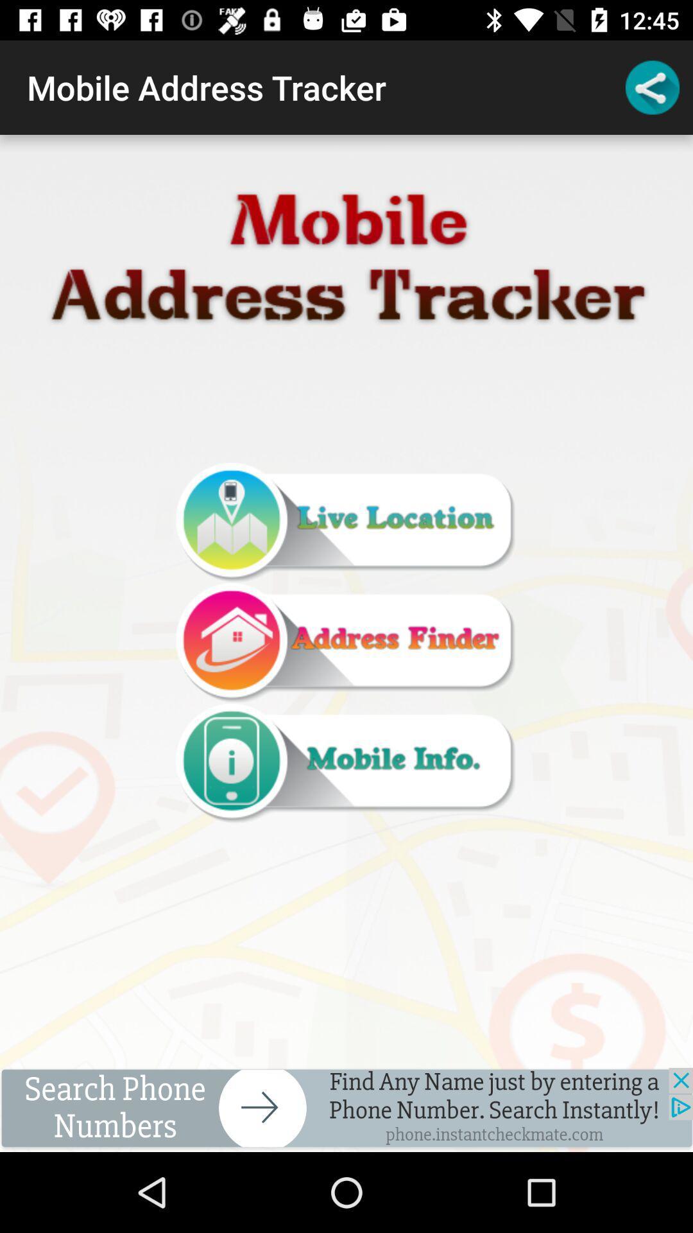 This screenshot has width=693, height=1233. I want to click on sraech phone number option, so click(346, 1109).